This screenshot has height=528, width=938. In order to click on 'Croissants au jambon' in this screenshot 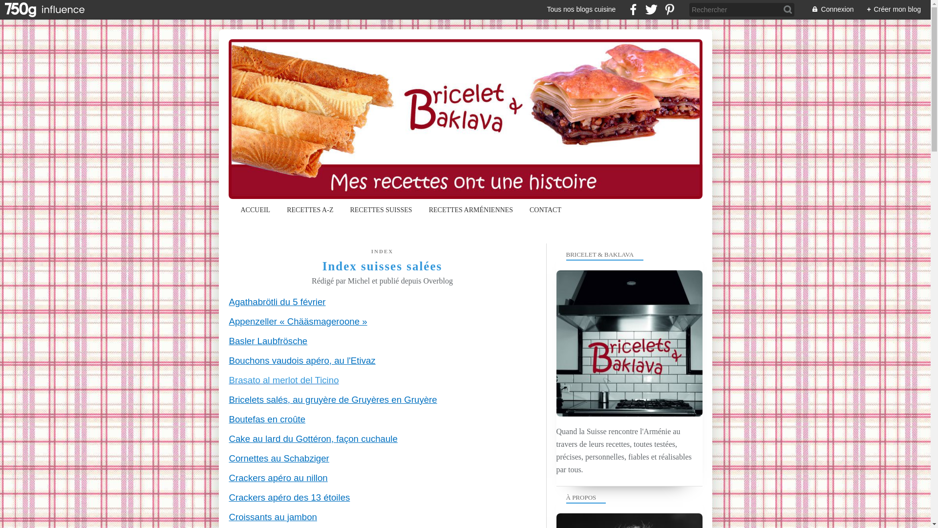, I will do `click(272, 516)`.